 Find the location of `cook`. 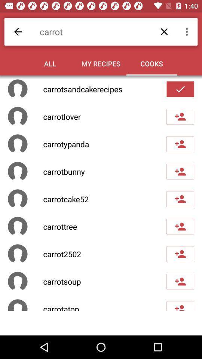

cook is located at coordinates (180, 89).